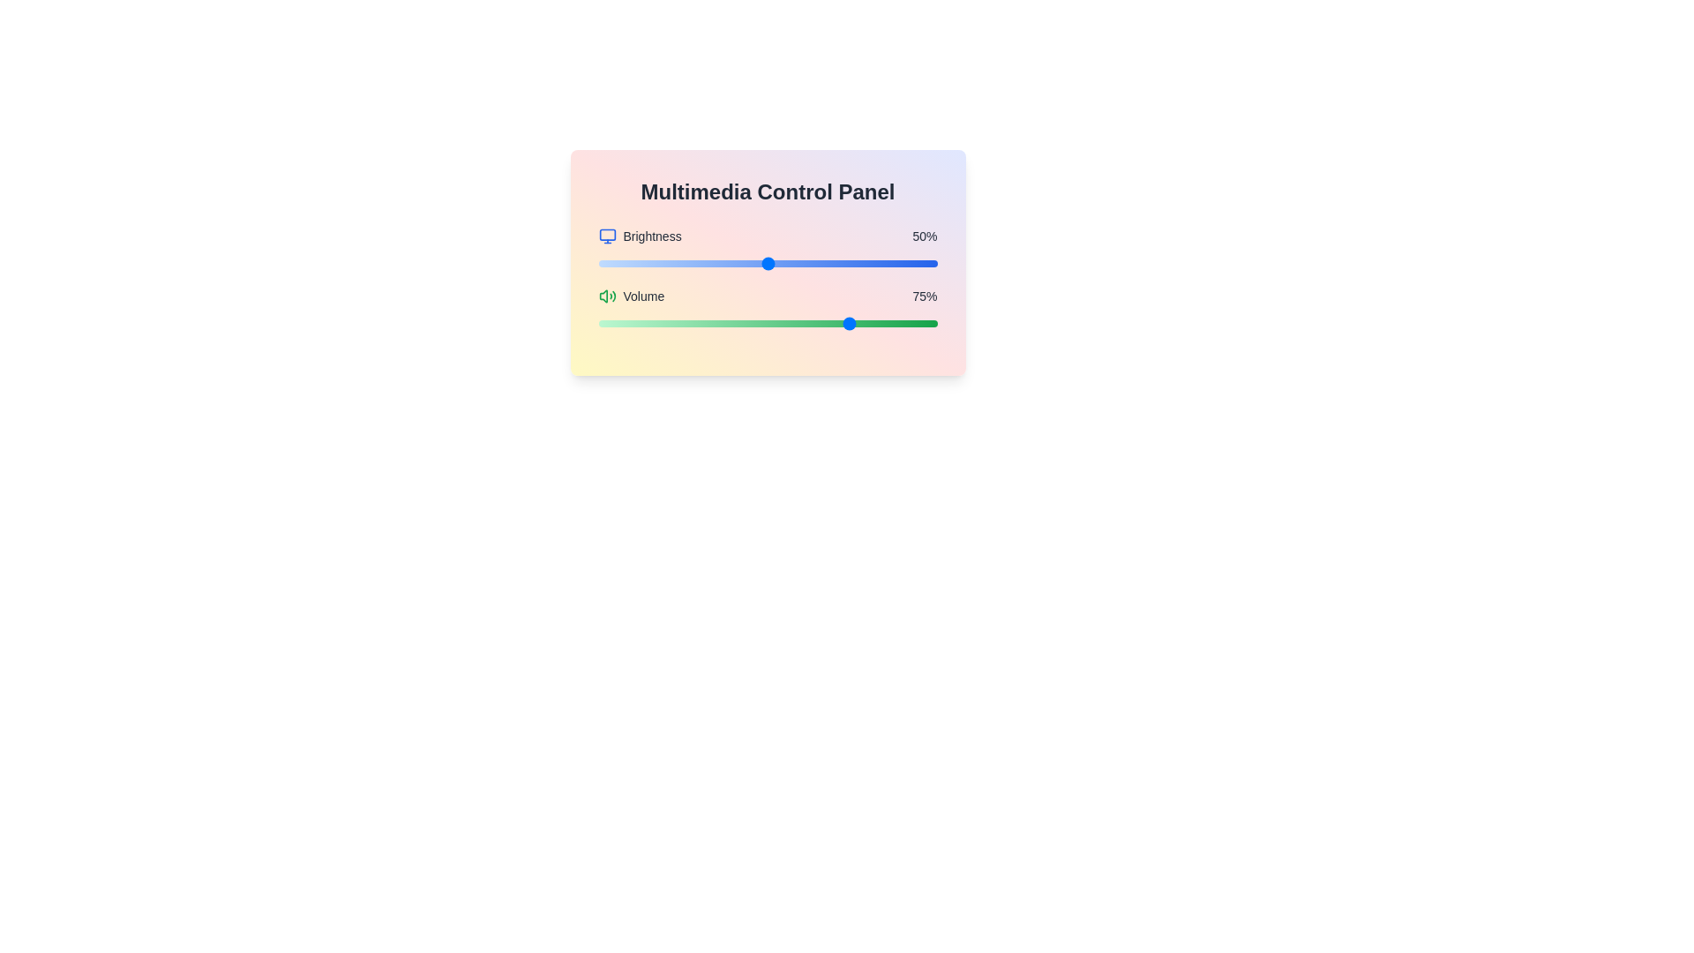 This screenshot has width=1694, height=953. What do you see at coordinates (747, 323) in the screenshot?
I see `the volume slider to 44% by dragging the slider to the desired position` at bounding box center [747, 323].